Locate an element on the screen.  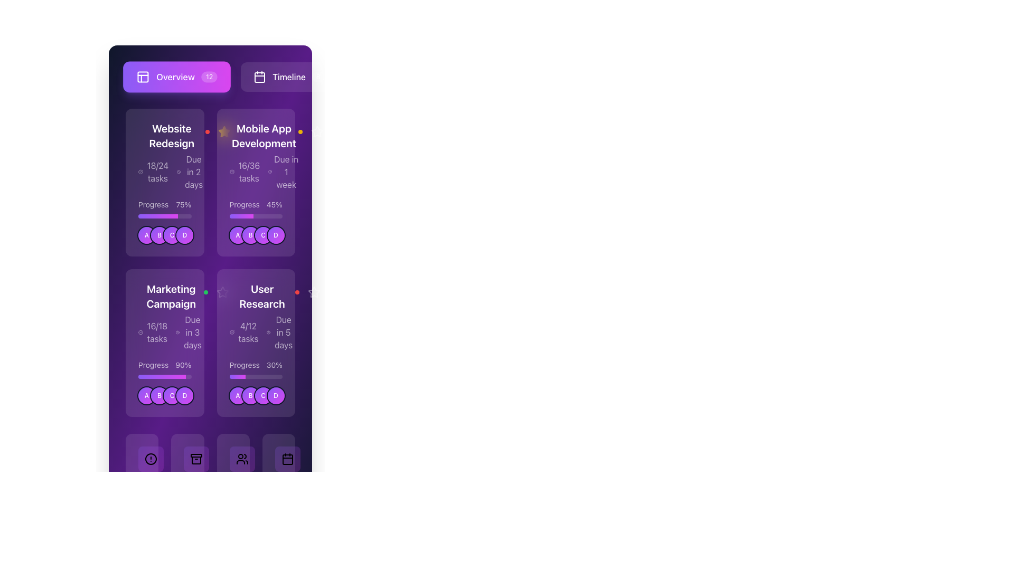
the decorative bar or functional icon element located at the lower portion of the interface, second from the left among similar items is located at coordinates (196, 455).